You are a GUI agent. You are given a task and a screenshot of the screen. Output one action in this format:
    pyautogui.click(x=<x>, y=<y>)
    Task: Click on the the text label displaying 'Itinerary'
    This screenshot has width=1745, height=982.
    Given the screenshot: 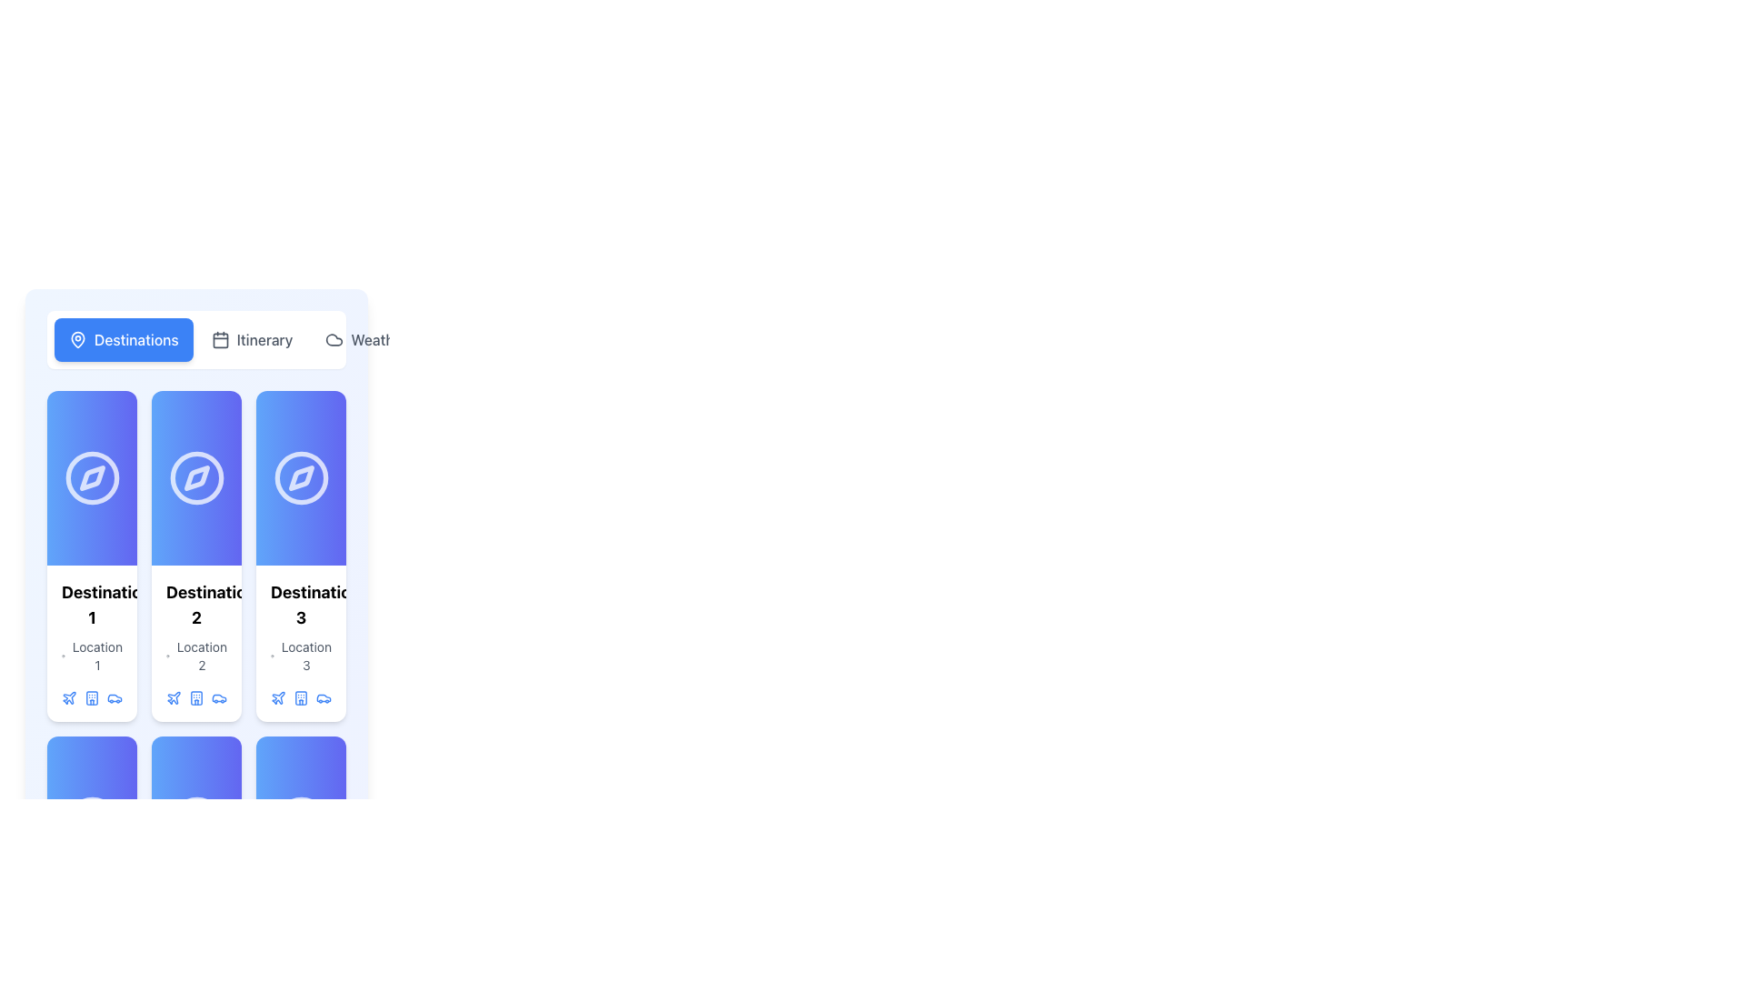 What is the action you would take?
    pyautogui.click(x=264, y=340)
    